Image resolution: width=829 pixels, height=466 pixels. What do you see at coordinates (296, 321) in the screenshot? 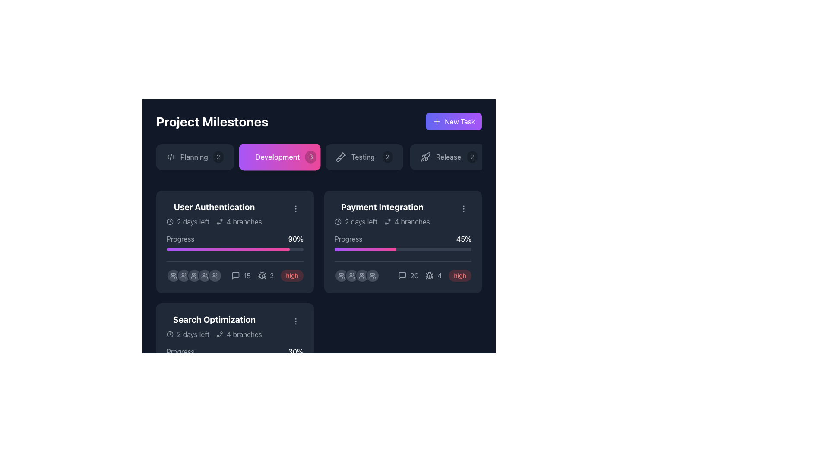
I see `the ellipsis icon located at the bottom-right corner of the 'Search Optimization' card` at bounding box center [296, 321].